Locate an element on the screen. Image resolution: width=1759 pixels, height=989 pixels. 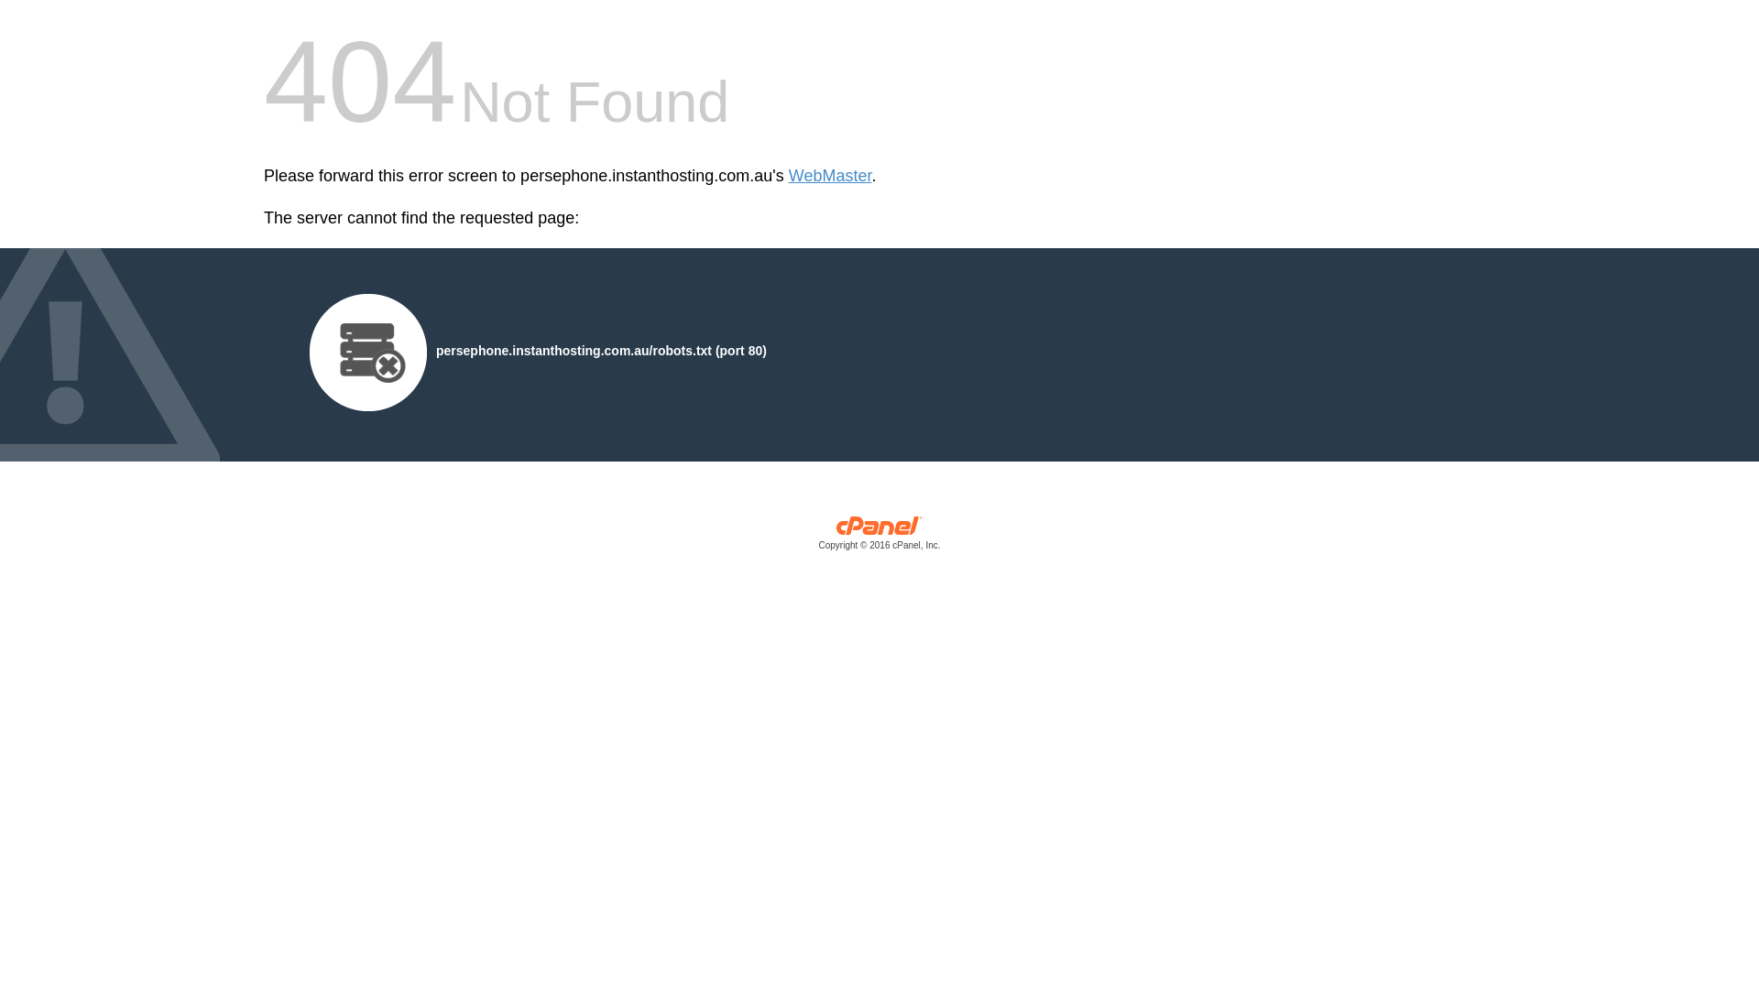
'WebMaster' is located at coordinates (829, 176).